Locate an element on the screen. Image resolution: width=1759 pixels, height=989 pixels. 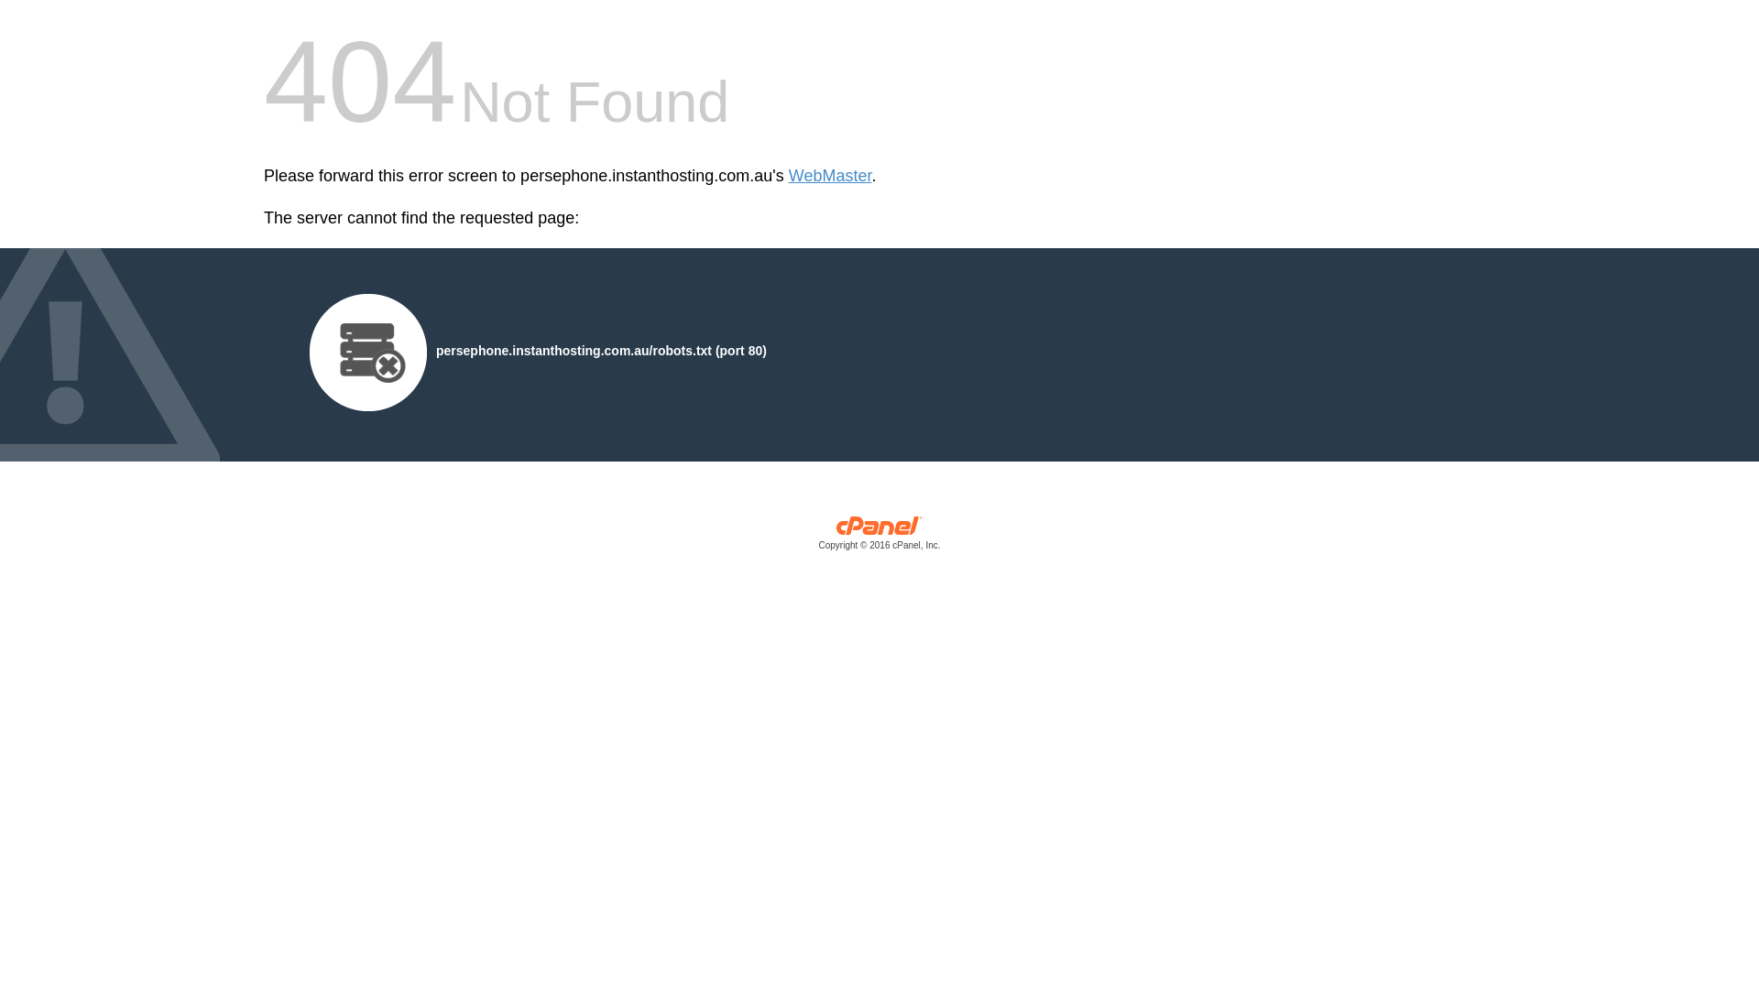
'WebMaster' is located at coordinates (829, 176).